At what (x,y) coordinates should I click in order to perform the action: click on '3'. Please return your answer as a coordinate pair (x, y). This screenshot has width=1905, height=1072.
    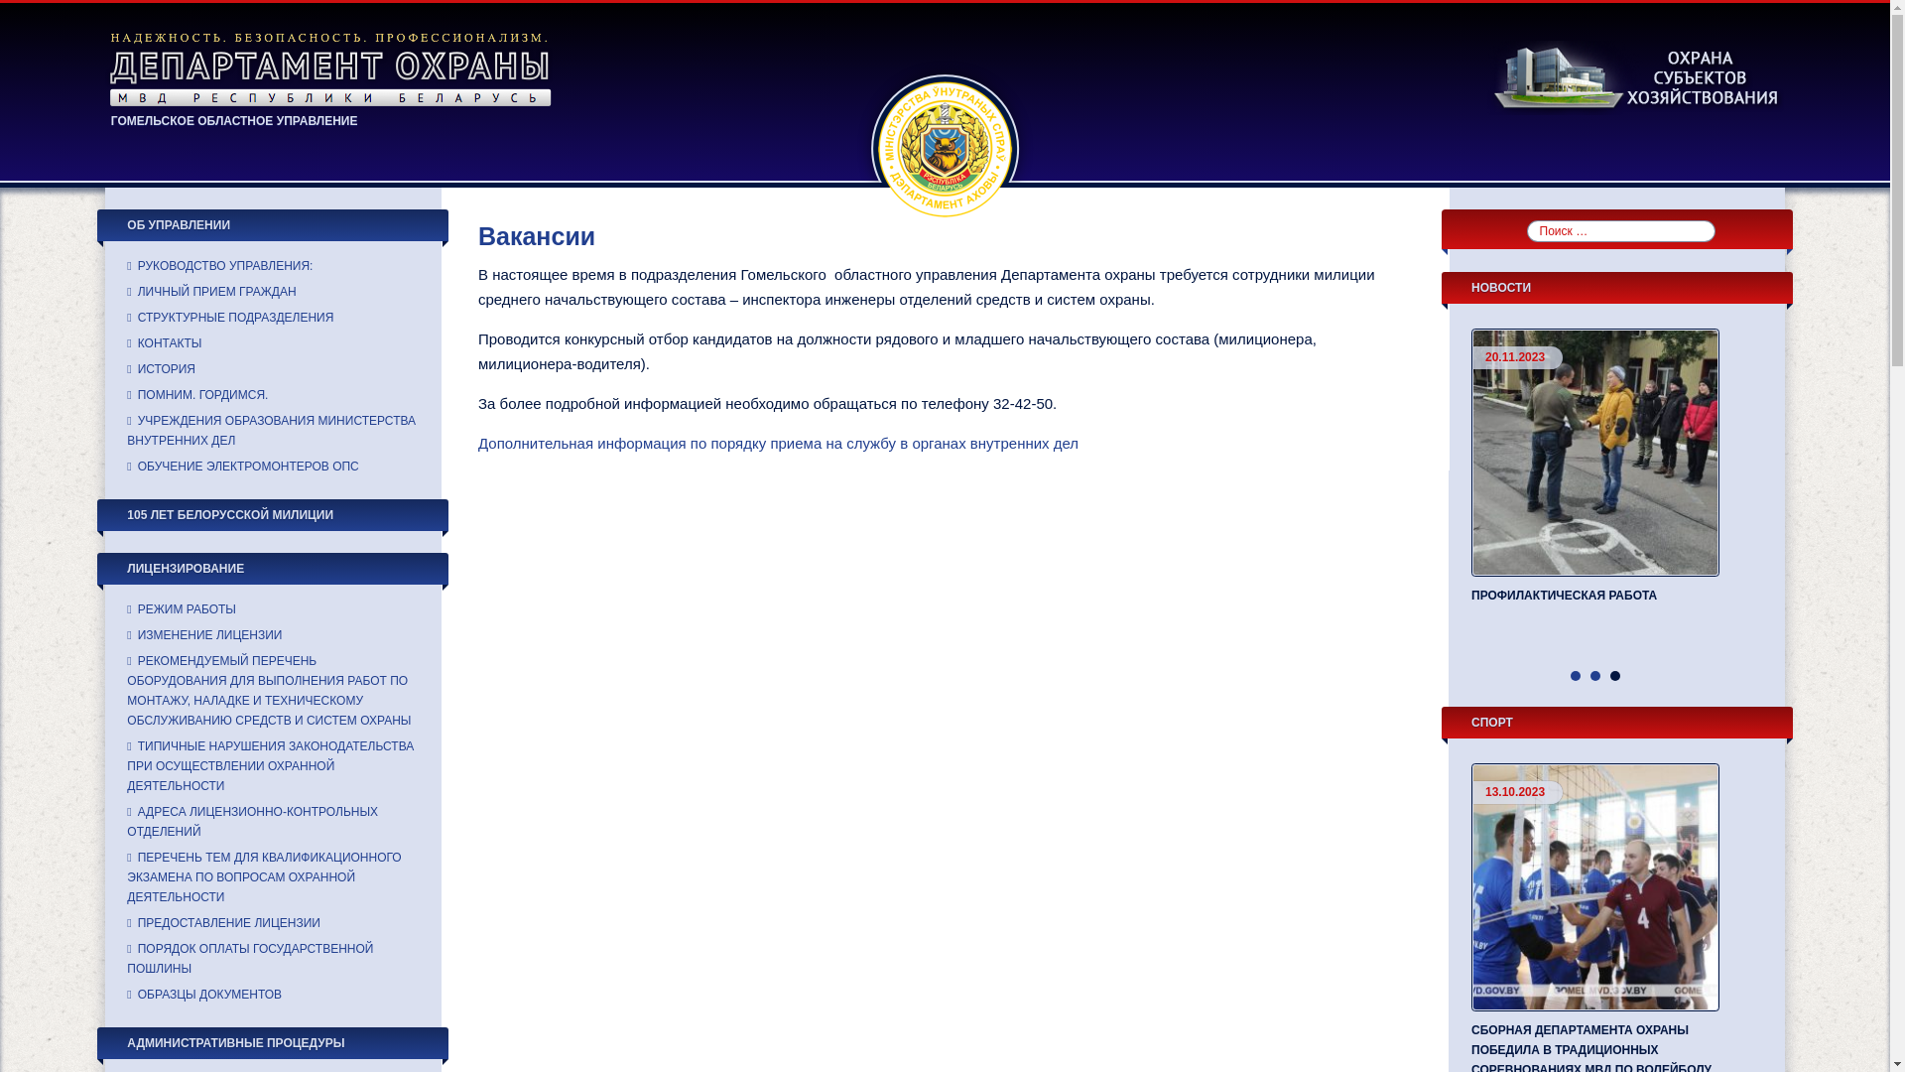
    Looking at the image, I should click on (1614, 675).